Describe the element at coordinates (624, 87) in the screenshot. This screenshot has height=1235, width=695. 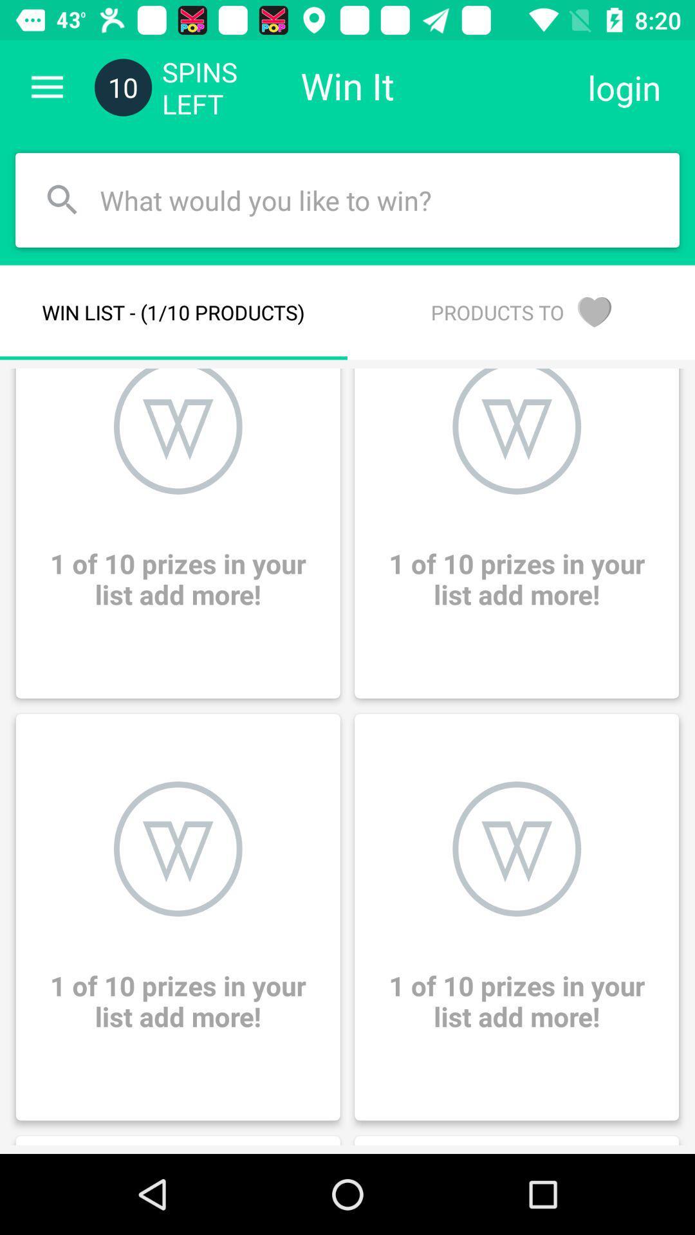
I see `the login` at that location.